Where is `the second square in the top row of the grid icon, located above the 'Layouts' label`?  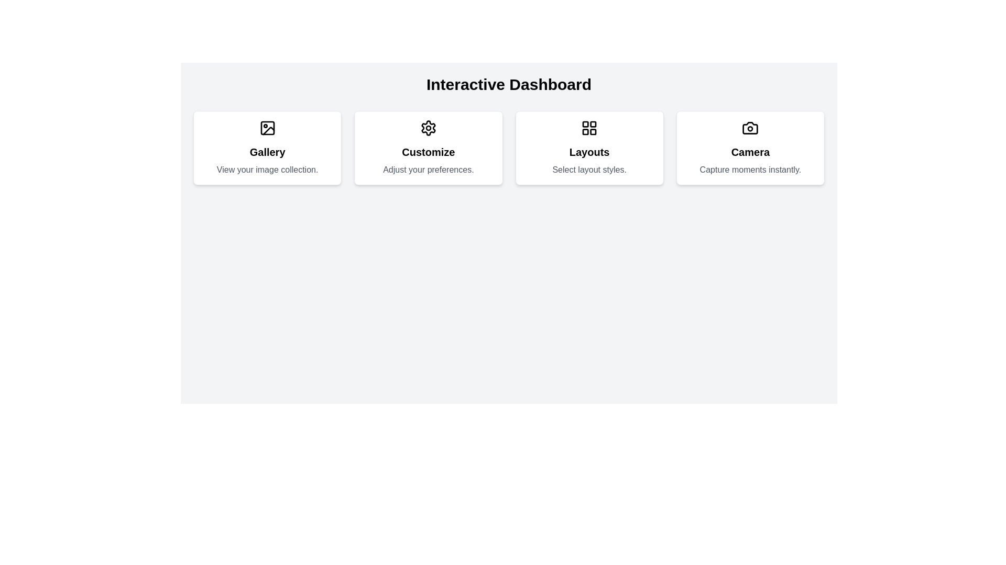
the second square in the top row of the grid icon, located above the 'Layouts' label is located at coordinates (593, 123).